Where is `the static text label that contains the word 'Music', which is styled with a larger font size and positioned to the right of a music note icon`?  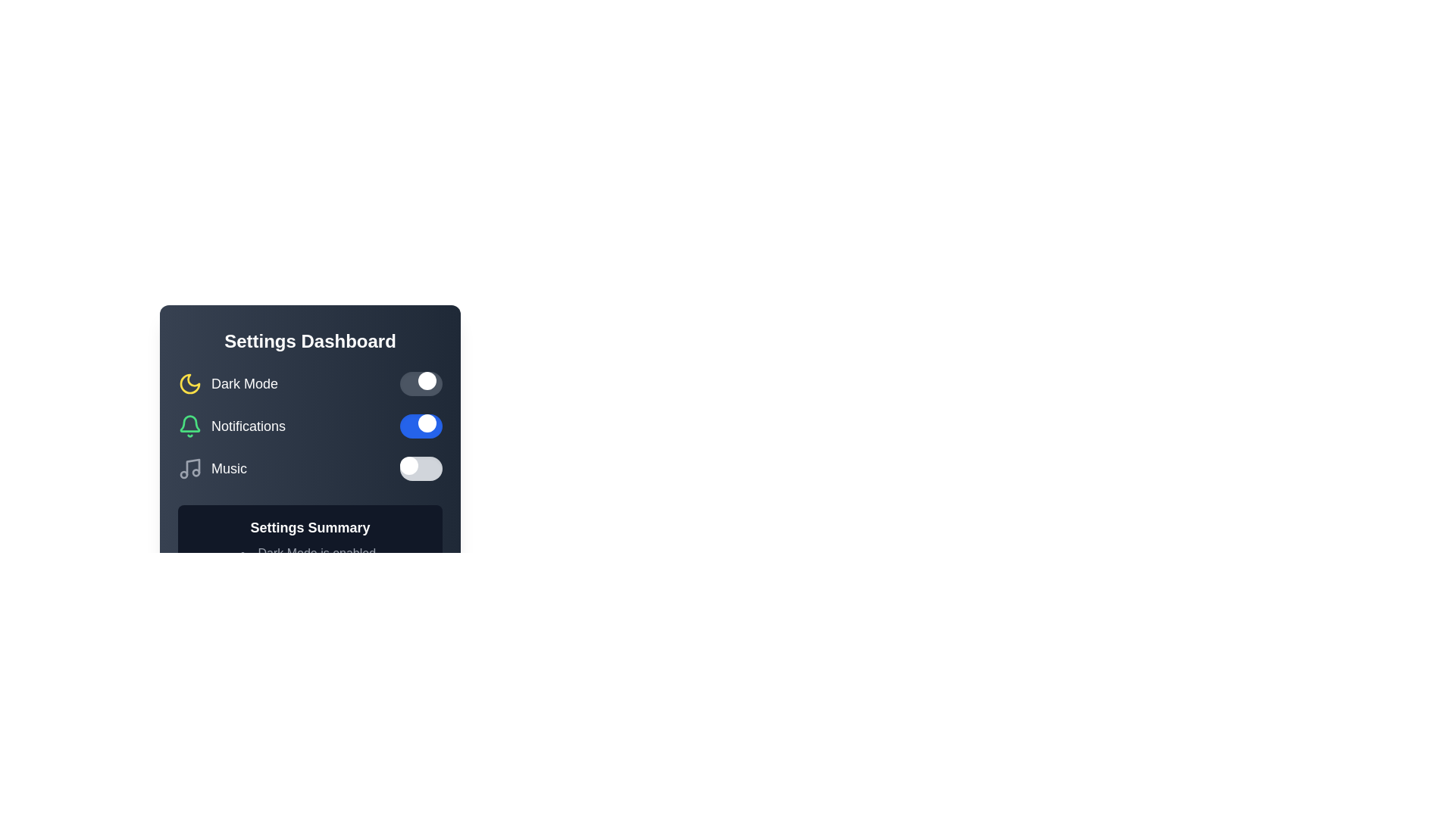
the static text label that contains the word 'Music', which is styled with a larger font size and positioned to the right of a music note icon is located at coordinates (228, 467).